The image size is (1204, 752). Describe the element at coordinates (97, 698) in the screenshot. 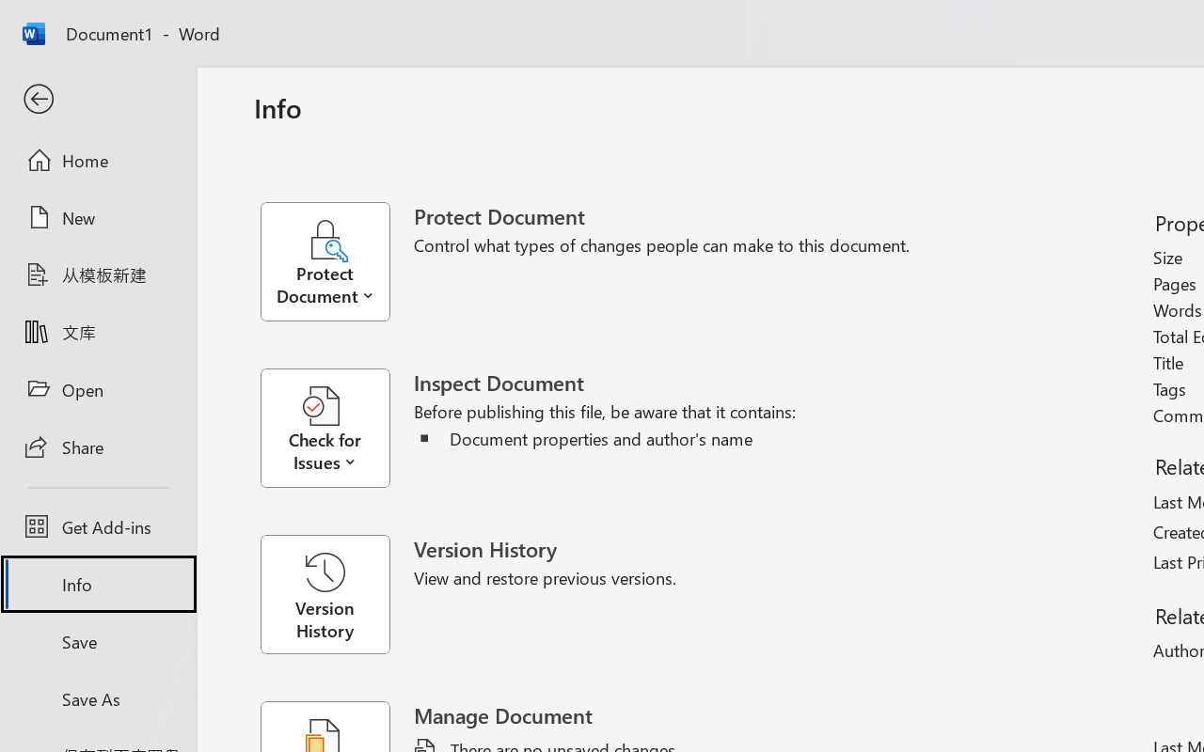

I see `'Save As'` at that location.